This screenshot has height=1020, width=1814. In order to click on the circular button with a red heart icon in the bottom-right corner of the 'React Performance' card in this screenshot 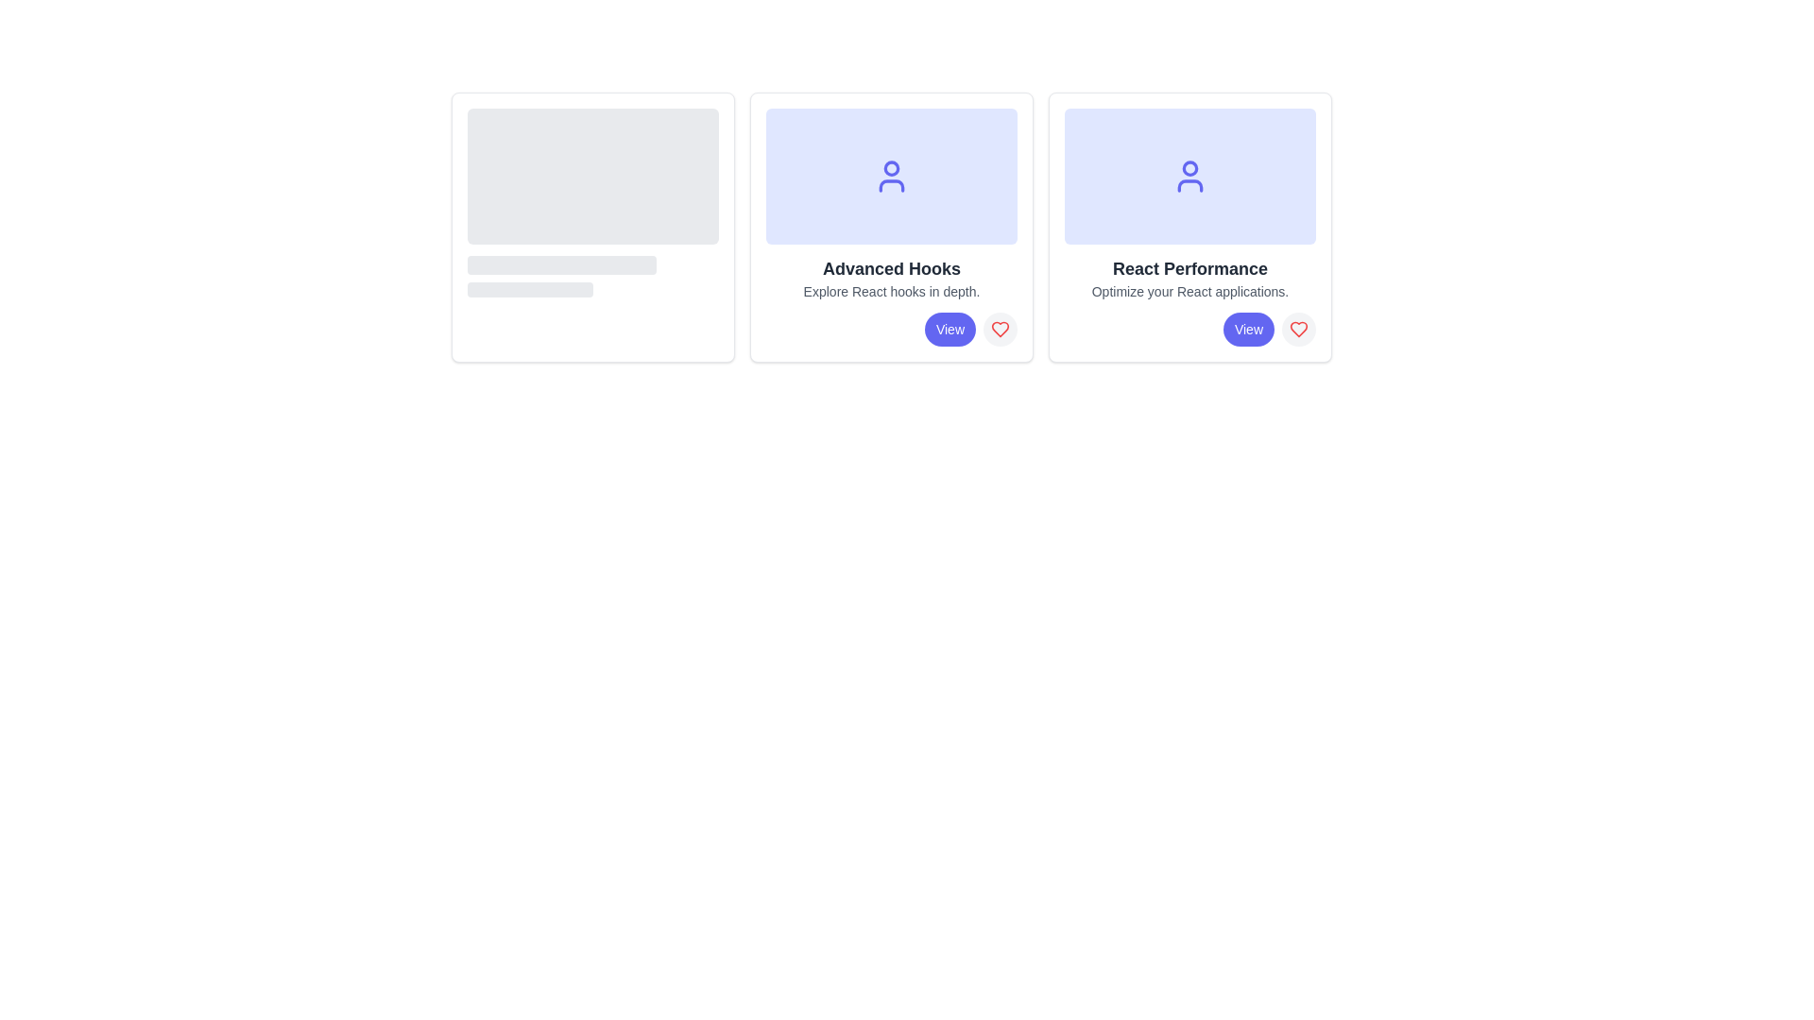, I will do `click(1297, 328)`.